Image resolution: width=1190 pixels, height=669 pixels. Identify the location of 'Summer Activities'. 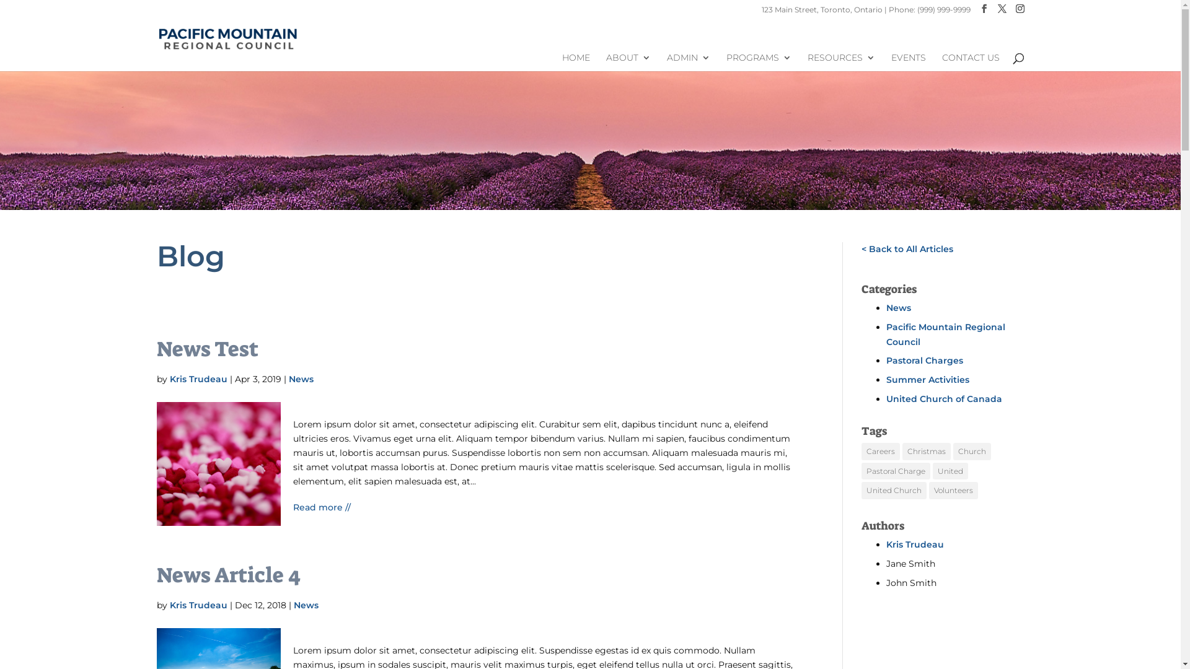
(928, 379).